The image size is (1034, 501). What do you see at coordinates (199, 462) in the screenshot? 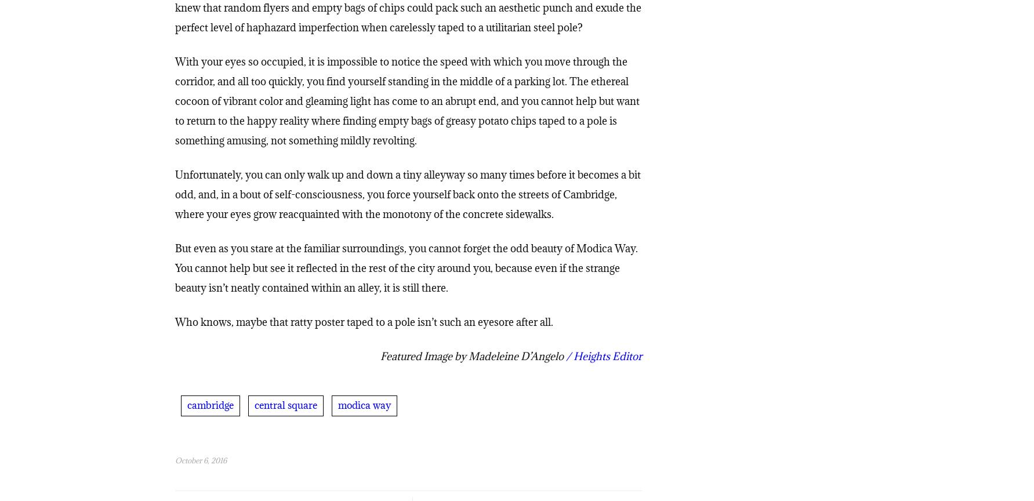
I see `'October 6, 2016'` at bounding box center [199, 462].